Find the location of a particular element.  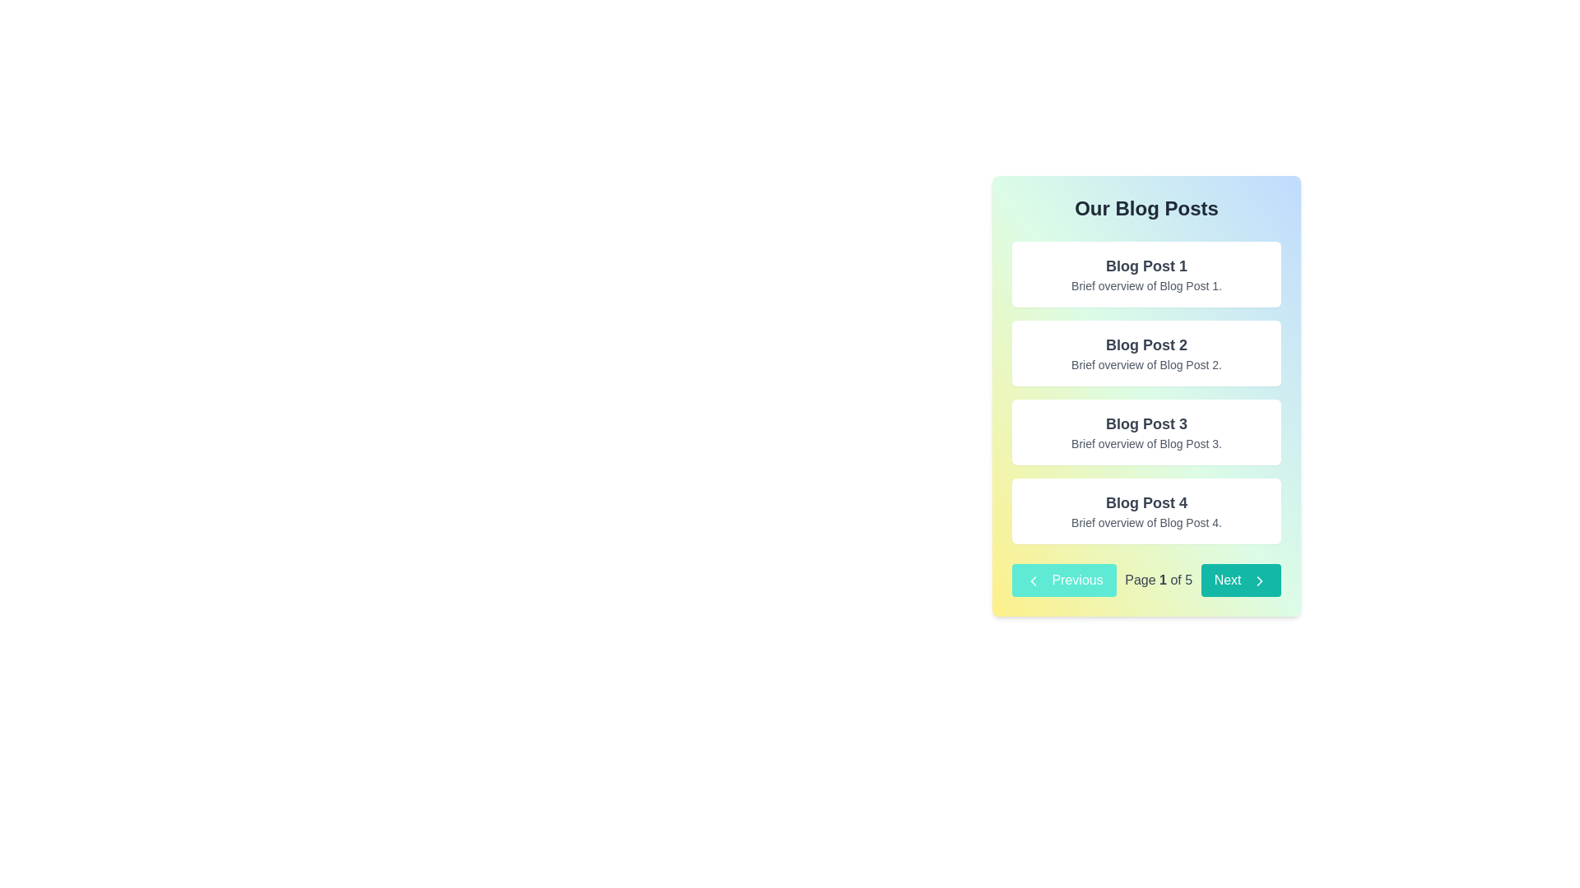

the fourth and bottom-most blog post preview card in the vertical list, which provides a title and short description, located between 'Blog Post 3' and the footer is located at coordinates (1145, 510).